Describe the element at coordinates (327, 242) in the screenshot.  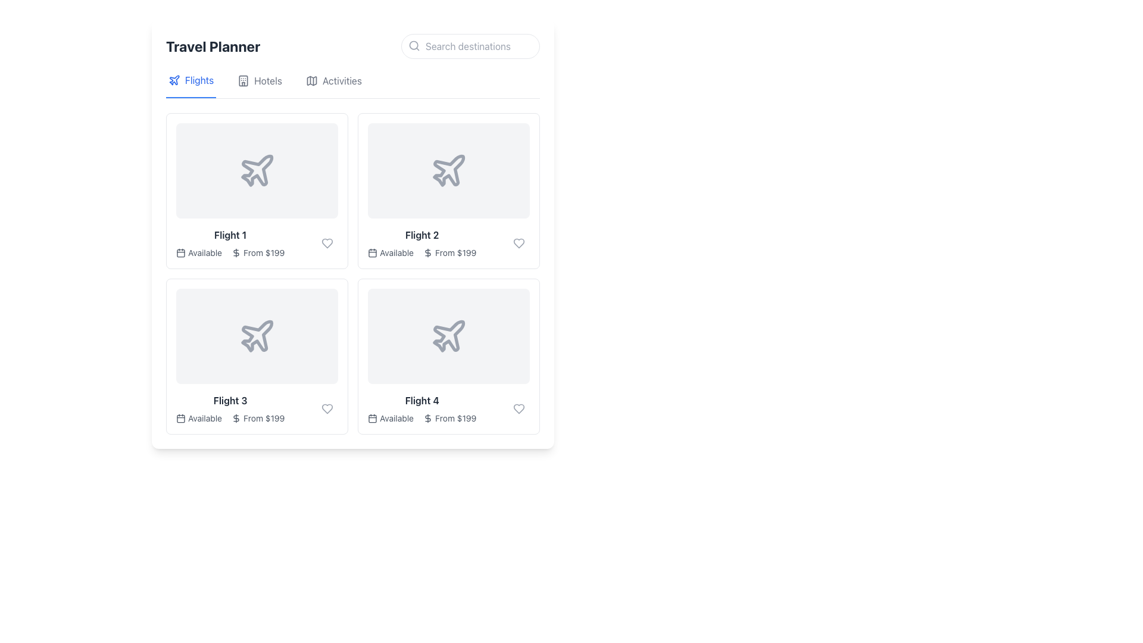
I see `the heart-shaped graphical icon in the bottom-right corner of the 'Flight 1' card, which indicates a potential 'favorite' or 'like' feature` at that location.